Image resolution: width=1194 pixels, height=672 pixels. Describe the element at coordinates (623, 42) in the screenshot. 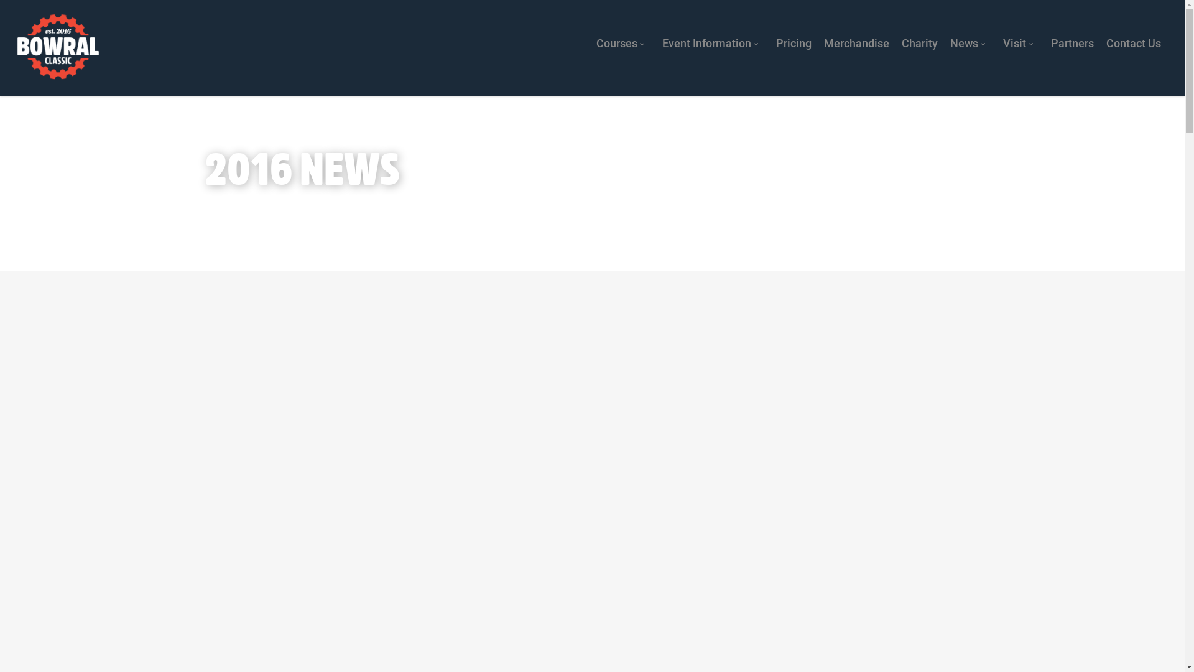

I see `'Courses'` at that location.